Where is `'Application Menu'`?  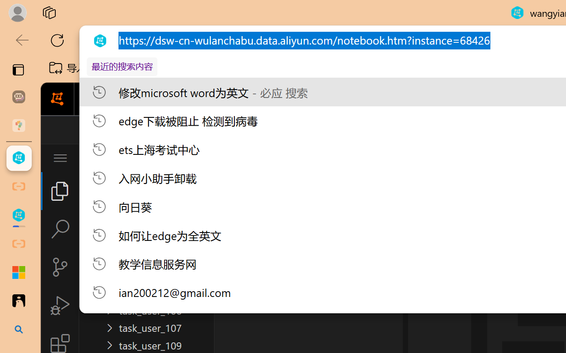
'Application Menu' is located at coordinates (59, 158).